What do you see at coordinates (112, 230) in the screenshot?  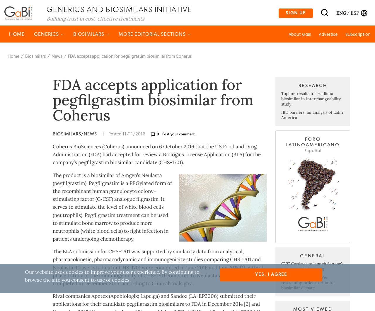 I see `'The product is a biosimilar of Amgen’s Neulasta (pegfilgrastim). Pegfilgrastim is a PEGylated form of the recombinant human granulocyte colony-stimulating factor (G‑CSF) analogue filgrastim. It serves to stimulate the level of white blood cells (neutrophils). Pegfilgrastim treatment can be used to stimulate bone marrow to produce more neutrophils (white blood cells) to fight infection in patients undergoing chemotherapy.'` at bounding box center [112, 230].